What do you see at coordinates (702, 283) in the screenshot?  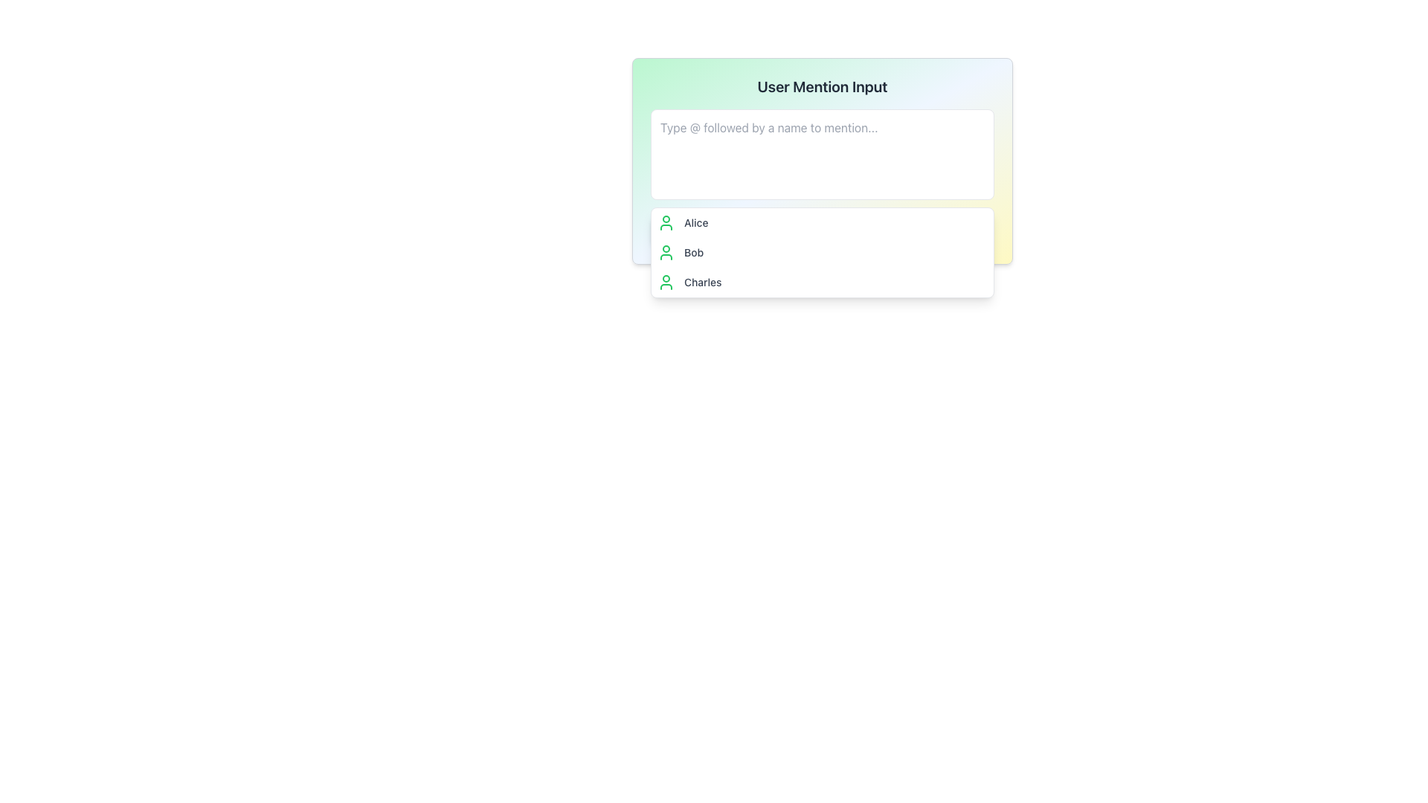 I see `the 'Charles' option in the third entry of the dropdown suggestion list` at bounding box center [702, 283].